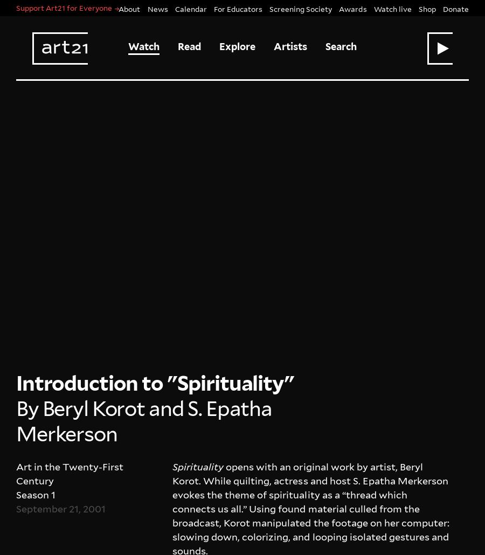 The width and height of the screenshot is (485, 555). What do you see at coordinates (185, 480) in the screenshot?
I see `'TikTok'` at bounding box center [185, 480].